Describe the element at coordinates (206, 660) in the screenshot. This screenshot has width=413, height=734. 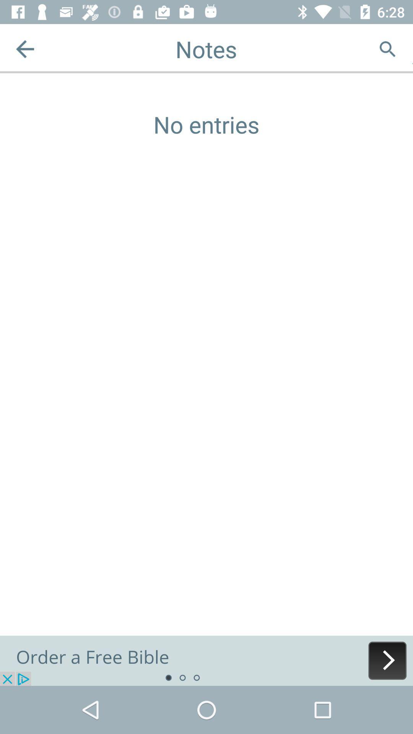
I see `n ote pad writer` at that location.